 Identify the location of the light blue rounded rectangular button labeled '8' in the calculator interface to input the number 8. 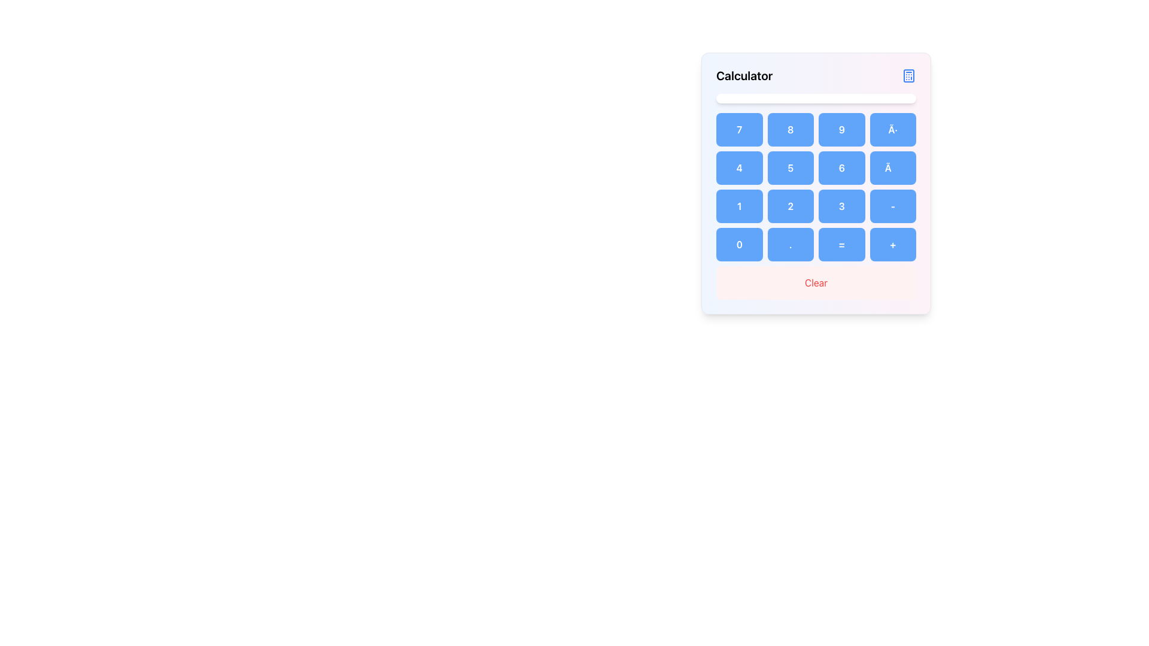
(791, 129).